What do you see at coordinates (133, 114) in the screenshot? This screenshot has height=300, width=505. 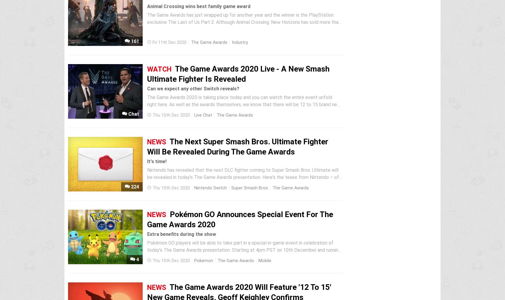 I see `'Chat'` at bounding box center [133, 114].